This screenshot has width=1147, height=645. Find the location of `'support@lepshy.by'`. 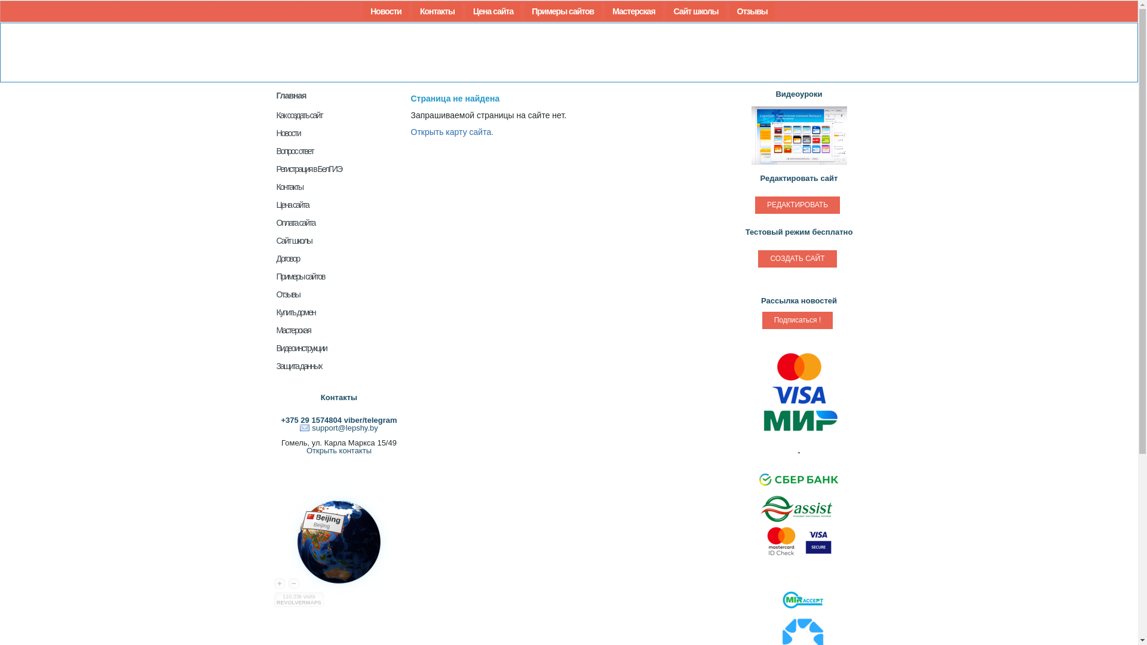

'support@lepshy.by' is located at coordinates (338, 427).